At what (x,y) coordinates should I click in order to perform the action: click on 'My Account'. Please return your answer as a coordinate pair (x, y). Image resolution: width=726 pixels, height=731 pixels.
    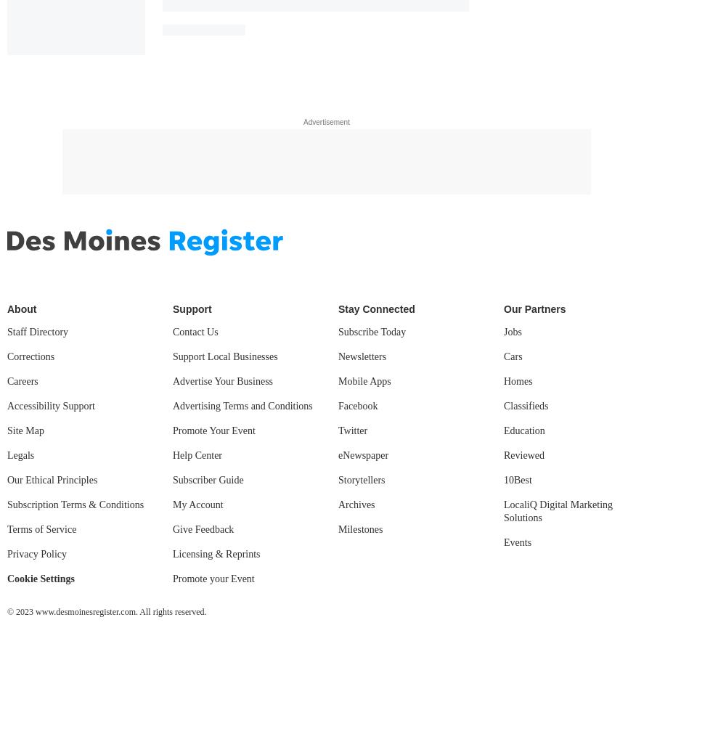
    Looking at the image, I should click on (197, 503).